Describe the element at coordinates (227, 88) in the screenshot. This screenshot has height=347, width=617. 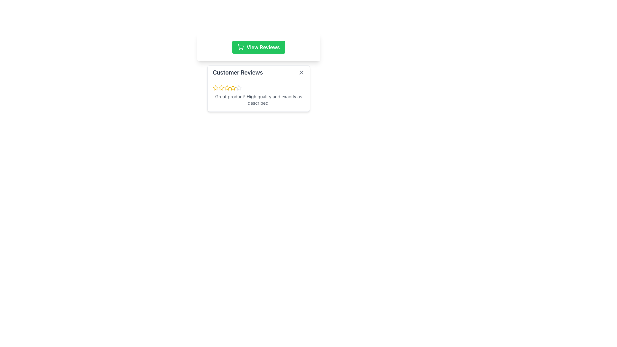
I see `the fifth star in the rating system, which is part of a sequence of seven stars located near the top of the 'Customer Reviews' section, to adjust the rating` at that location.